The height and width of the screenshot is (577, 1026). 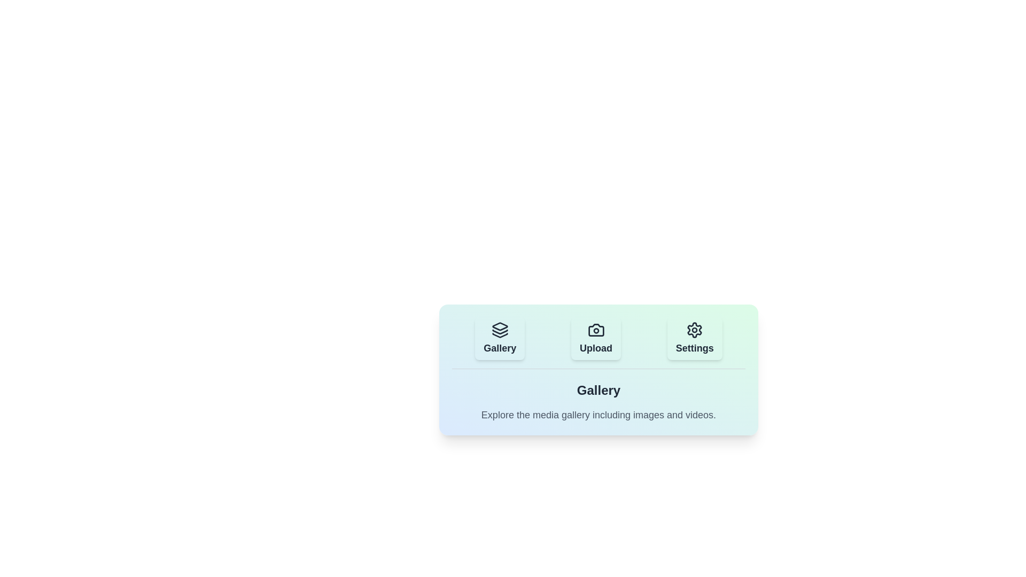 I want to click on the Settings tab to navigate to its content, so click(x=695, y=338).